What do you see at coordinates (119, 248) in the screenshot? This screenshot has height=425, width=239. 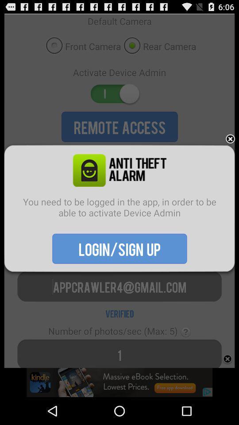 I see `the login/sign up icon` at bounding box center [119, 248].